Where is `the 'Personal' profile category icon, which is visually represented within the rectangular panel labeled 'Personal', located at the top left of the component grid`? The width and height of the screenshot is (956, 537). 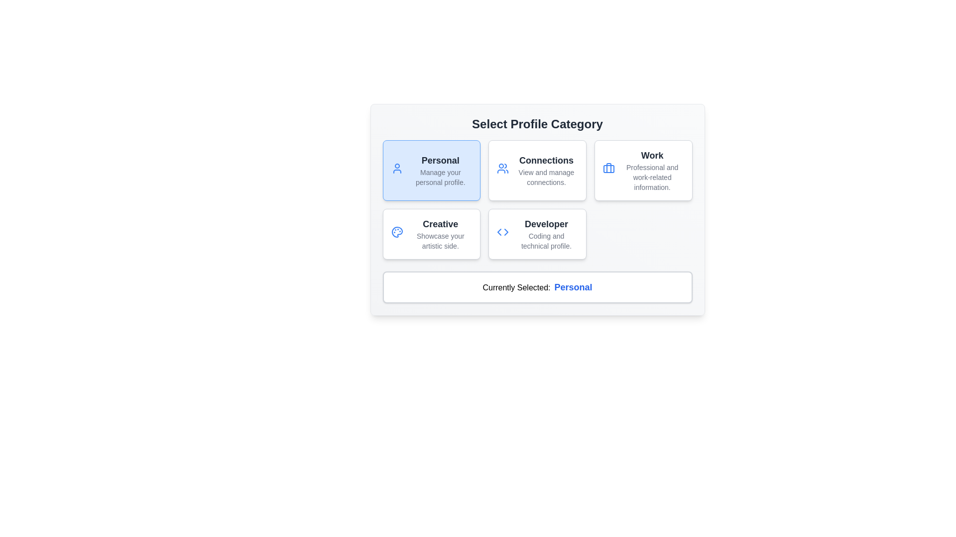
the 'Personal' profile category icon, which is visually represented within the rectangular panel labeled 'Personal', located at the top left of the component grid is located at coordinates (396, 168).